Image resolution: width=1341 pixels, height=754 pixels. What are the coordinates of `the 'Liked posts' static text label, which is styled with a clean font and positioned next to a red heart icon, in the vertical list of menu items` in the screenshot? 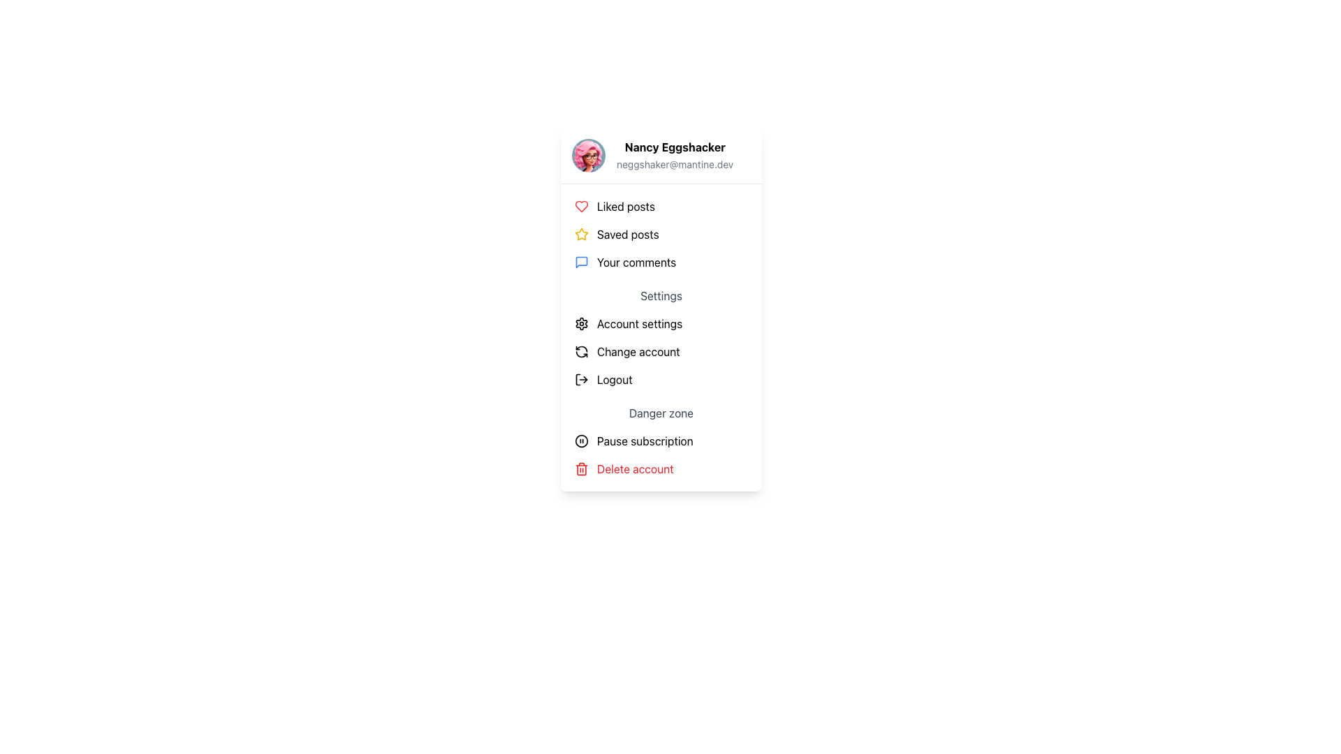 It's located at (625, 207).